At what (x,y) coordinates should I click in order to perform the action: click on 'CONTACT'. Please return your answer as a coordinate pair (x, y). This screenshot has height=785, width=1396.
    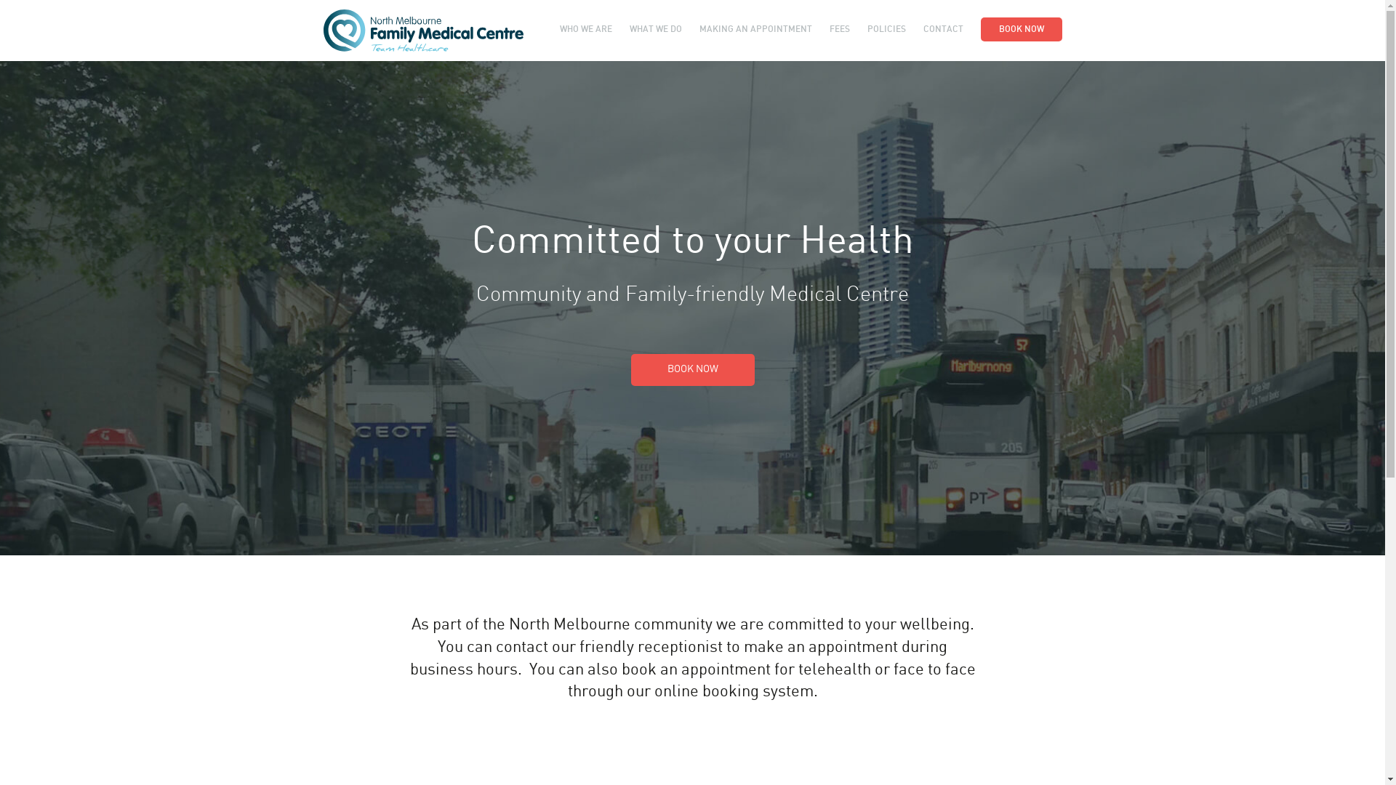
    Looking at the image, I should click on (943, 28).